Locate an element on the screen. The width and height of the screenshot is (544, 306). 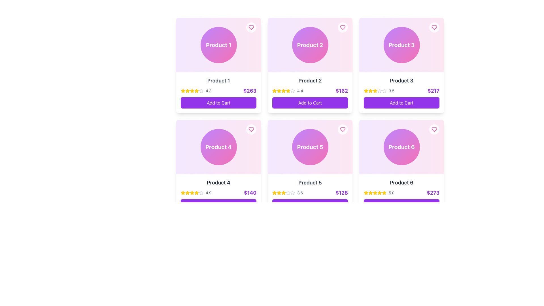
the 'Add to Cart' button for 'Product 1' to change its background color is located at coordinates (218, 103).